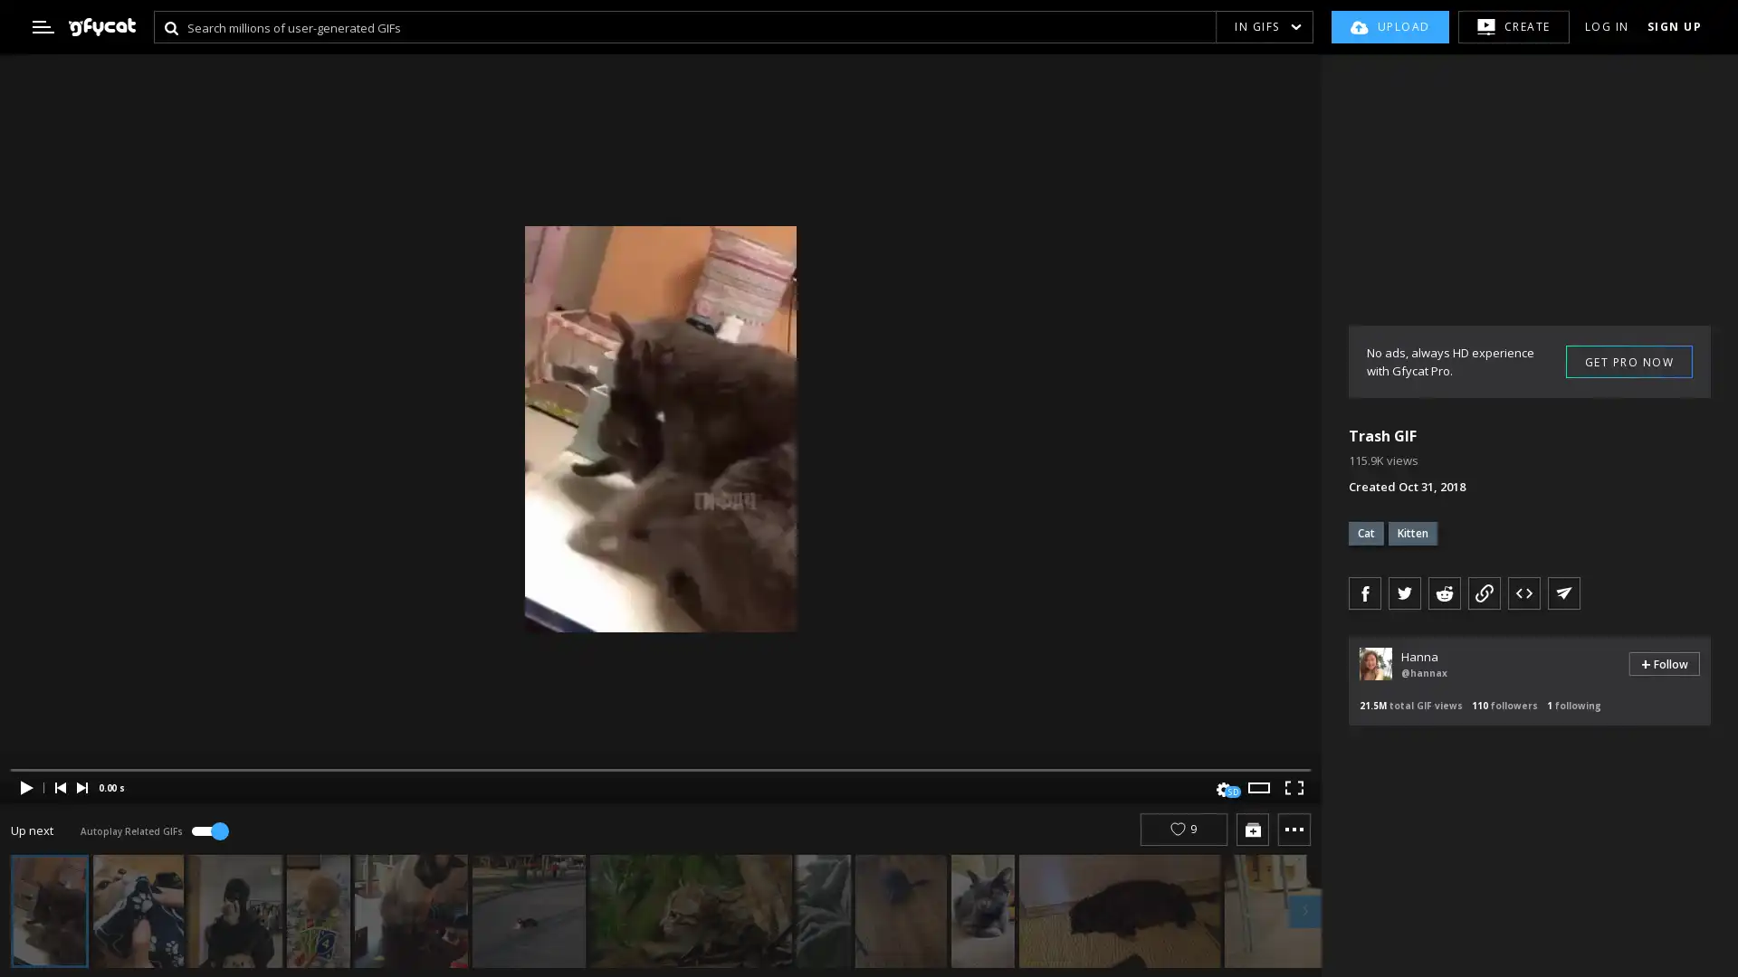 The image size is (1738, 977). What do you see at coordinates (1664, 663) in the screenshot?
I see `+ Follow` at bounding box center [1664, 663].